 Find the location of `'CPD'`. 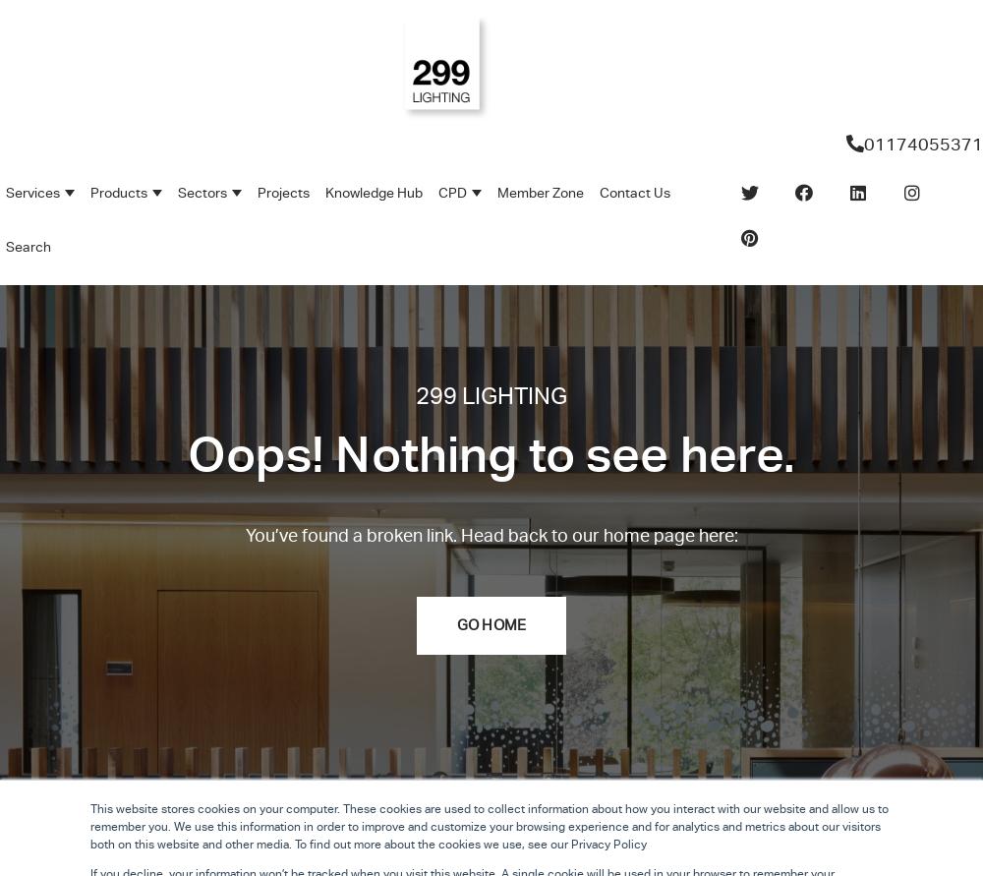

'CPD' is located at coordinates (451, 193).